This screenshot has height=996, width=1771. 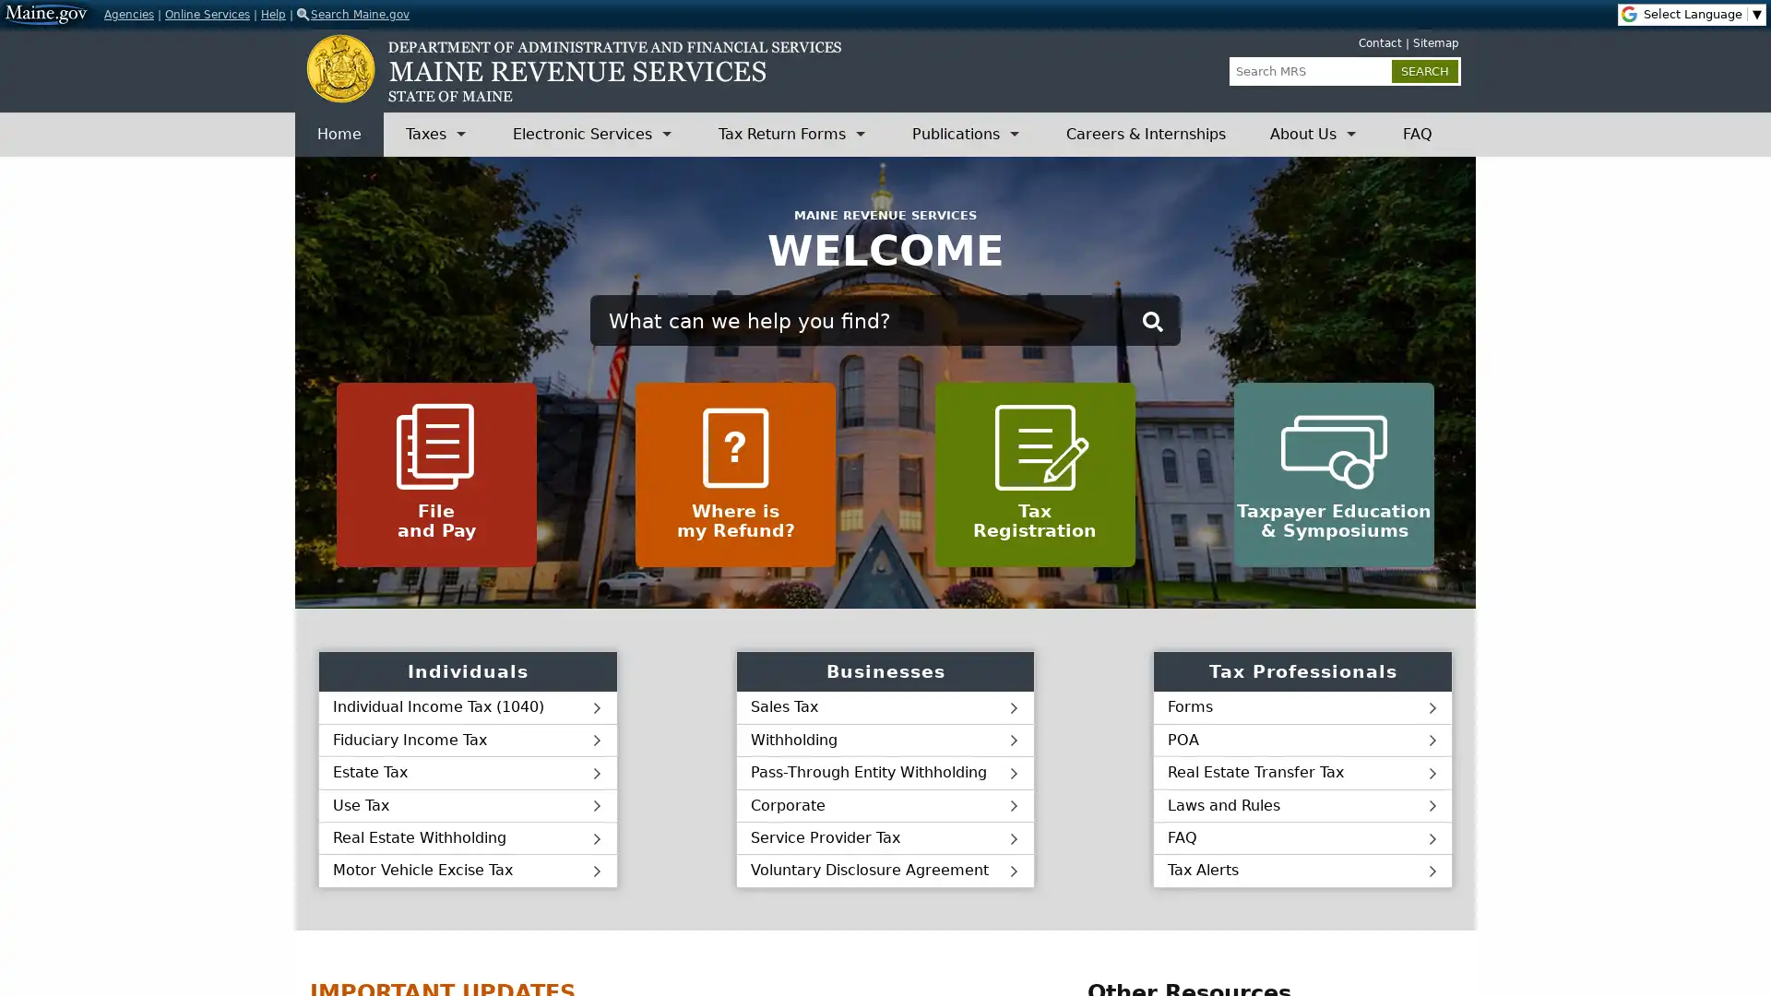 What do you see at coordinates (1424, 70) in the screenshot?
I see `Search` at bounding box center [1424, 70].